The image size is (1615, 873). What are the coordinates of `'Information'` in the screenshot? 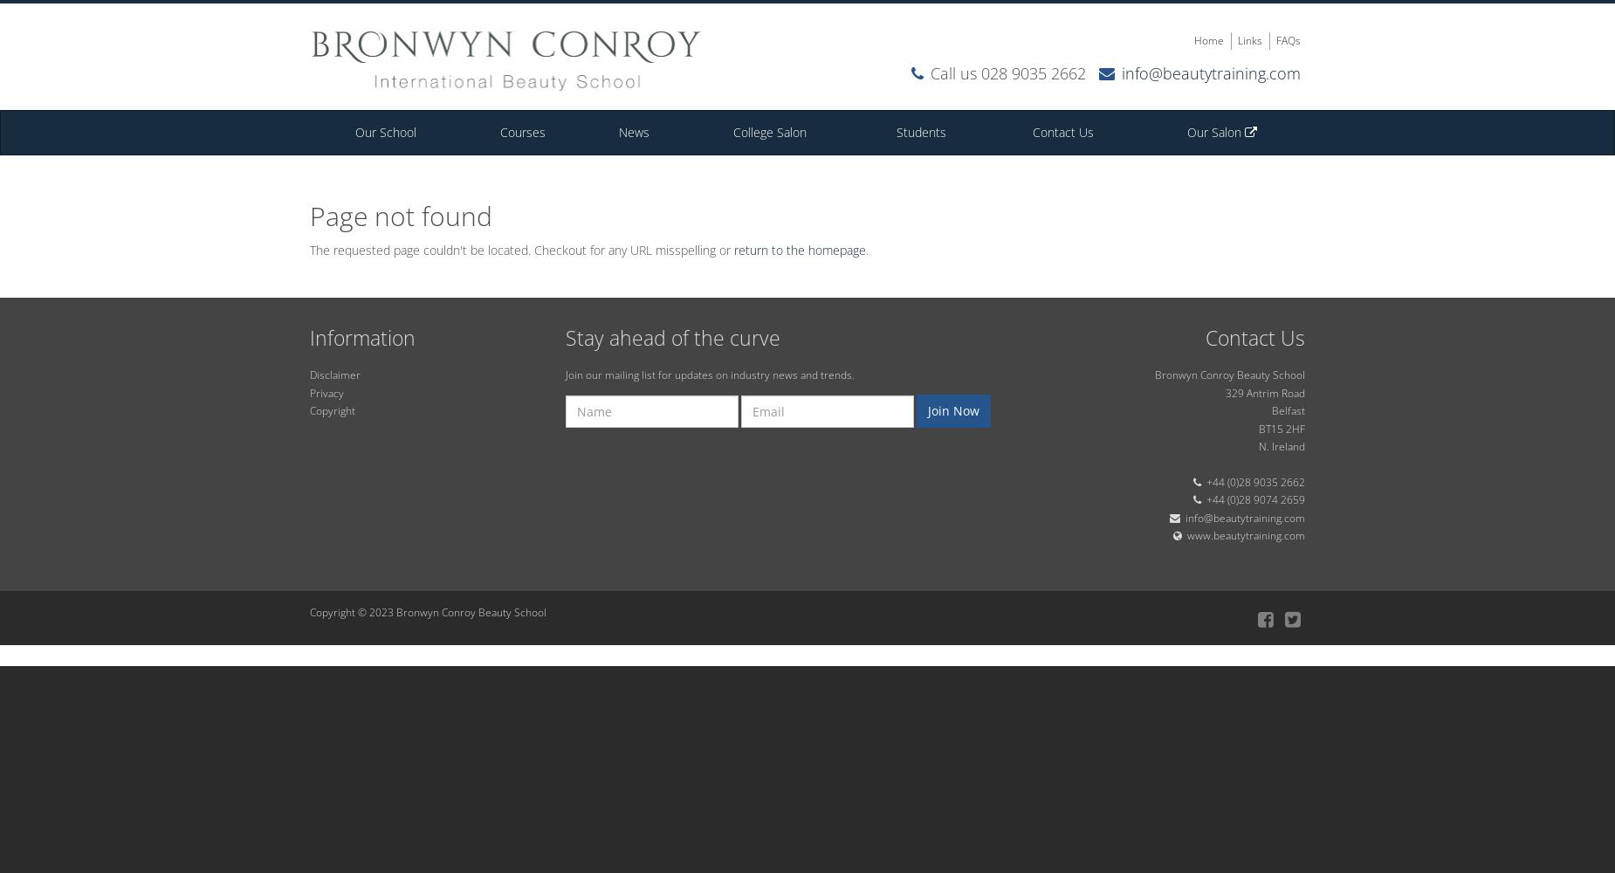 It's located at (361, 338).